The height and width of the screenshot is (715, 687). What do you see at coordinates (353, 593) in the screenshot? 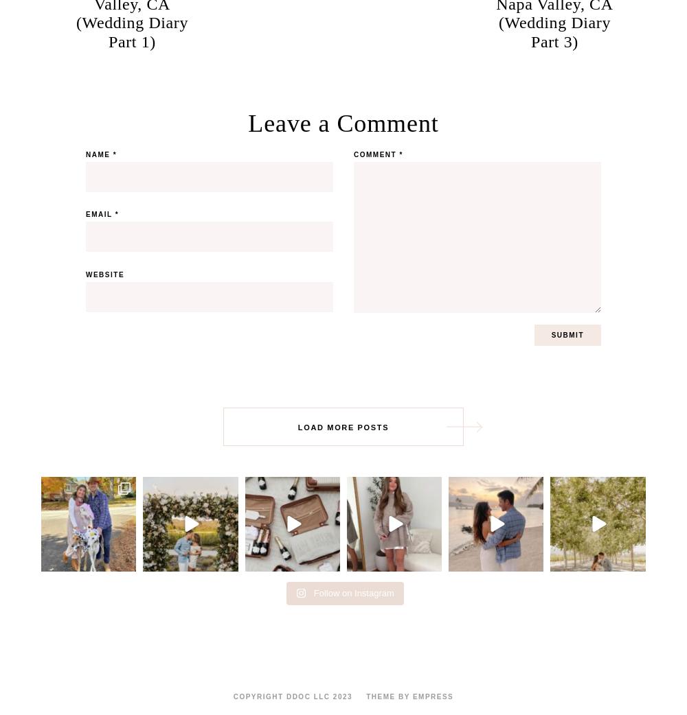
I see `'Follow on Instagram'` at bounding box center [353, 593].